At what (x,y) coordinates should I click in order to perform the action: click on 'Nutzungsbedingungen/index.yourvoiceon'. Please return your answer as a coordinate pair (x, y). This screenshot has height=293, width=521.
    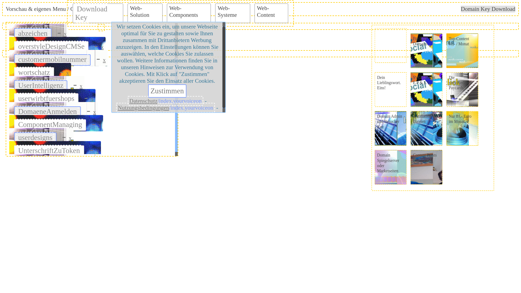
    Looking at the image, I should click on (165, 108).